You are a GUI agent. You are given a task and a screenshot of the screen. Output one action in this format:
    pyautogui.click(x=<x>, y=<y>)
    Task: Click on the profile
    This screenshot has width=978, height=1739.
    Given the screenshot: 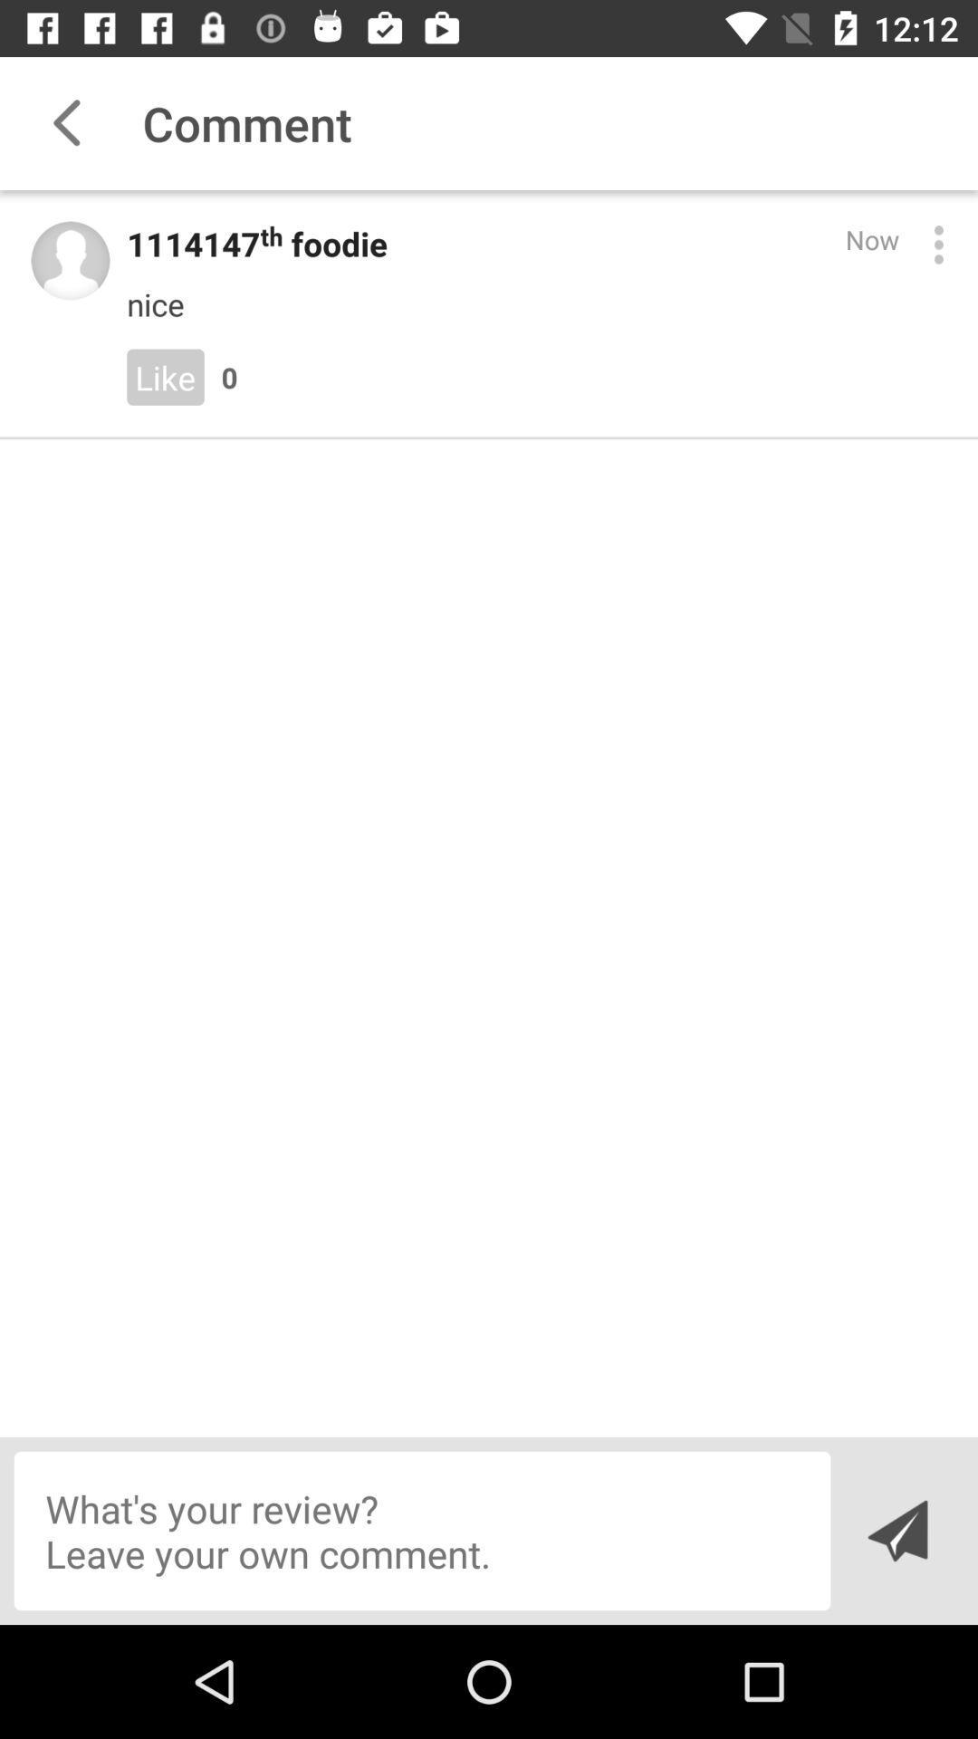 What is the action you would take?
    pyautogui.click(x=69, y=260)
    